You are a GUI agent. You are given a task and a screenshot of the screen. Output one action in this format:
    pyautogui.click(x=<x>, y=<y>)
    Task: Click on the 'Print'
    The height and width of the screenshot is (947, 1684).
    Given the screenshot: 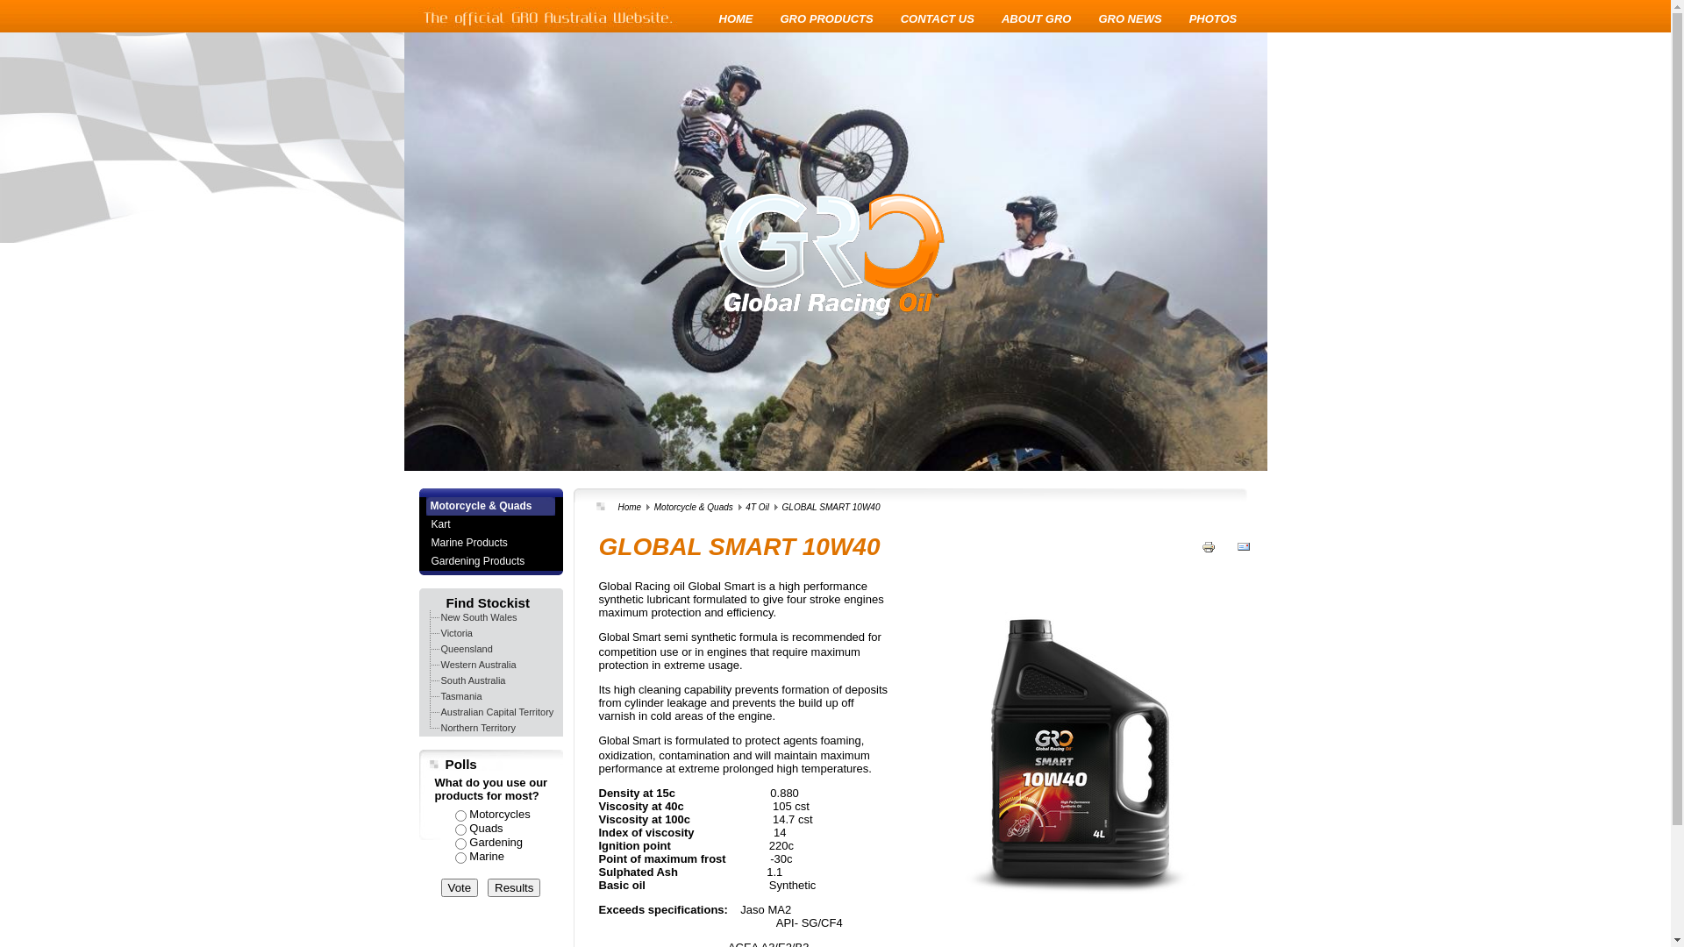 What is the action you would take?
    pyautogui.click(x=1207, y=559)
    